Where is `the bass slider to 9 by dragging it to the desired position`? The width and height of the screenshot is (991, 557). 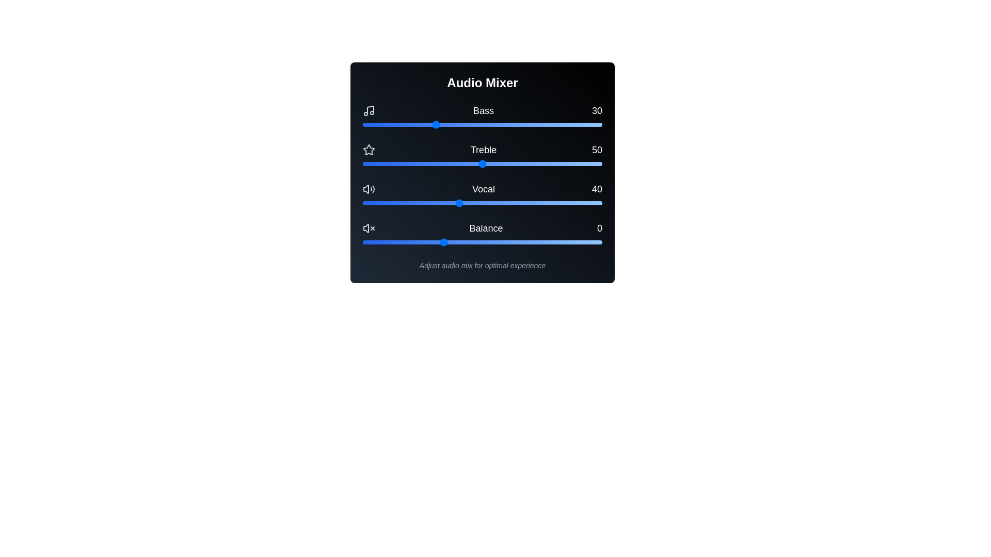
the bass slider to 9 by dragging it to the desired position is located at coordinates (383, 124).